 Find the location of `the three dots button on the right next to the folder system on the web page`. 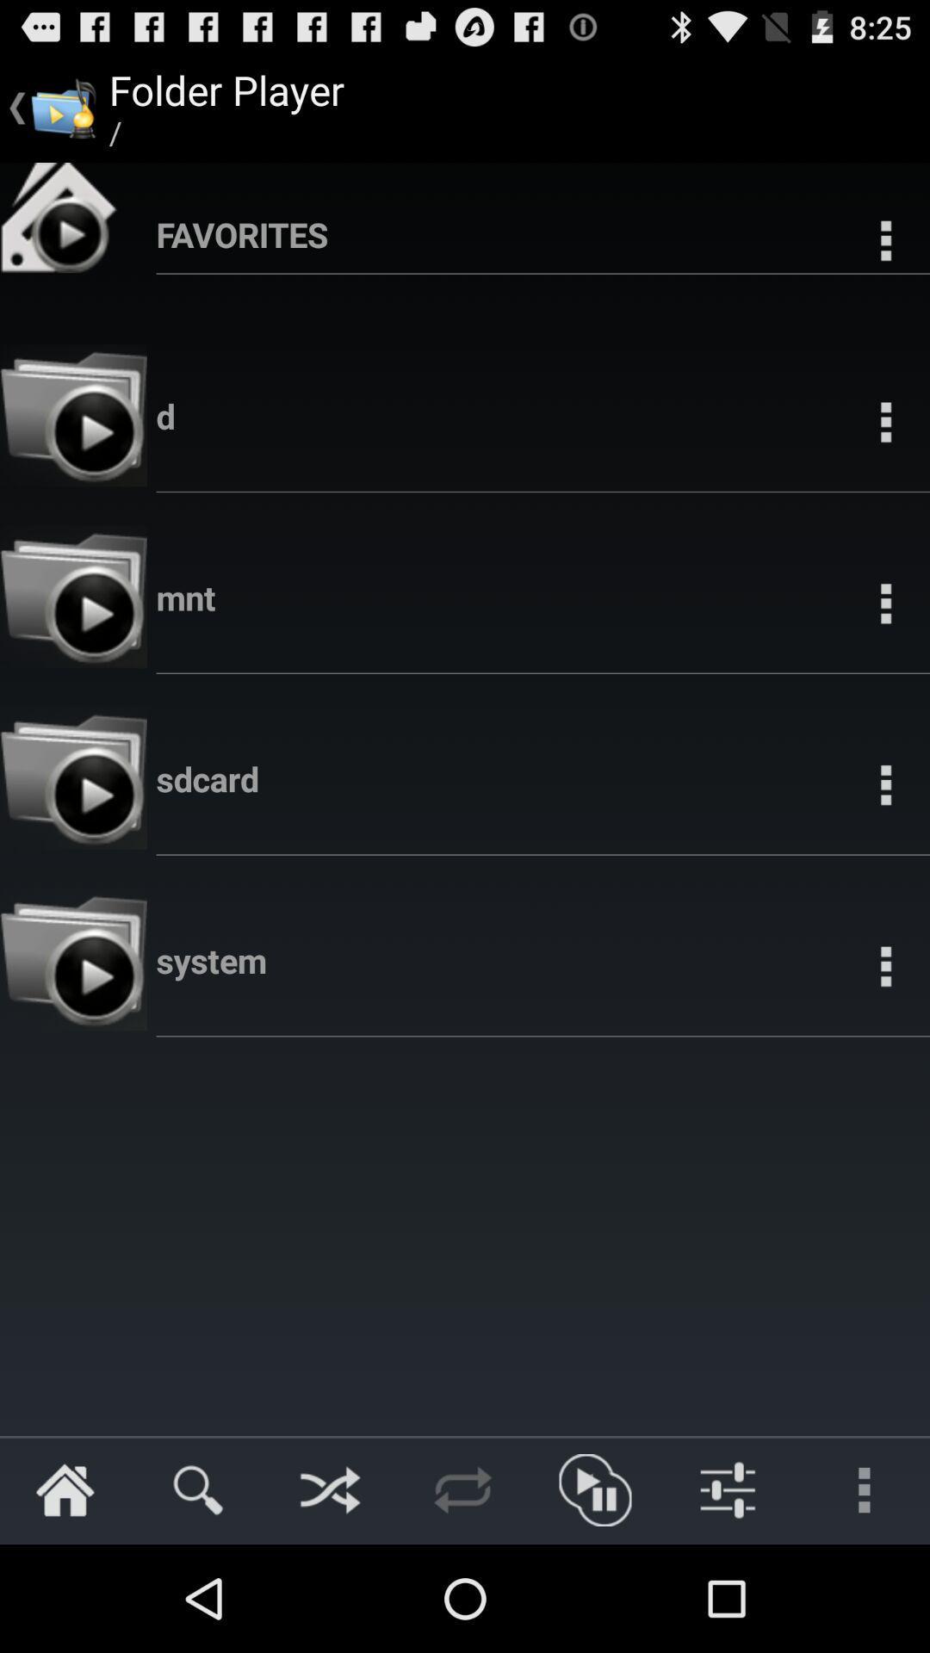

the three dots button on the right next to the folder system on the web page is located at coordinates (885, 965).